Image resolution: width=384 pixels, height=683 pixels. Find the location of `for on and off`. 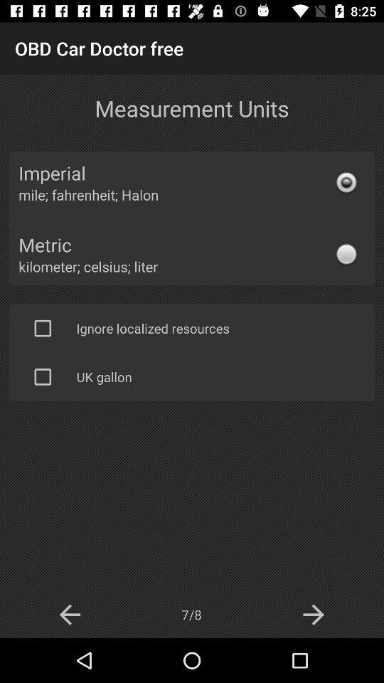

for on and off is located at coordinates (43, 376).